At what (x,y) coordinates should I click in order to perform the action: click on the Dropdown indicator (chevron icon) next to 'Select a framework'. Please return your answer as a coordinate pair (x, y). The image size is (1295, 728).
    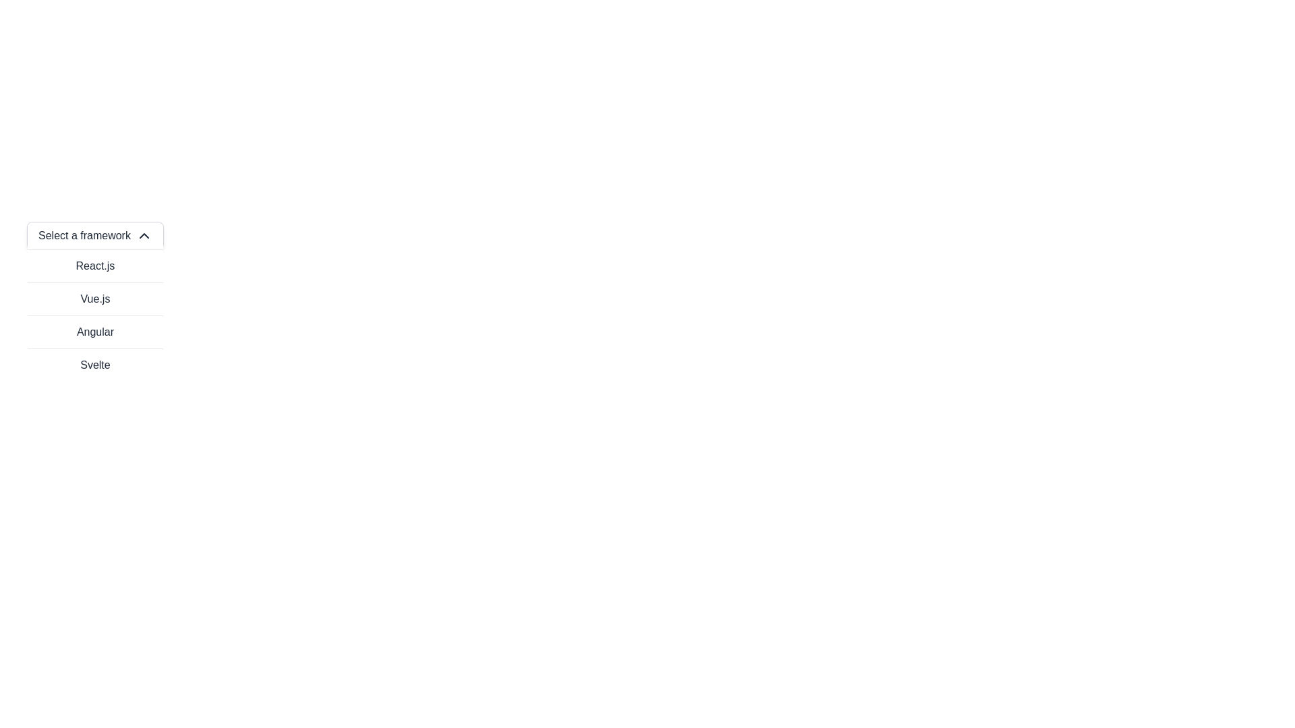
    Looking at the image, I should click on (144, 235).